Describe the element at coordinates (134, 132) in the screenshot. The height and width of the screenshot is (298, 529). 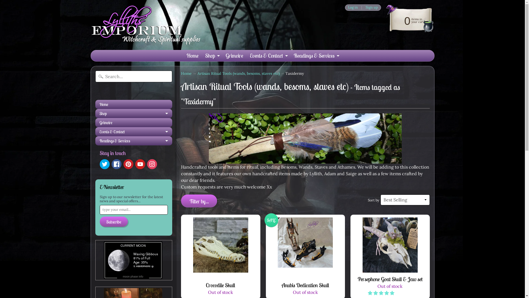
I see `'Events & Contact'` at that location.